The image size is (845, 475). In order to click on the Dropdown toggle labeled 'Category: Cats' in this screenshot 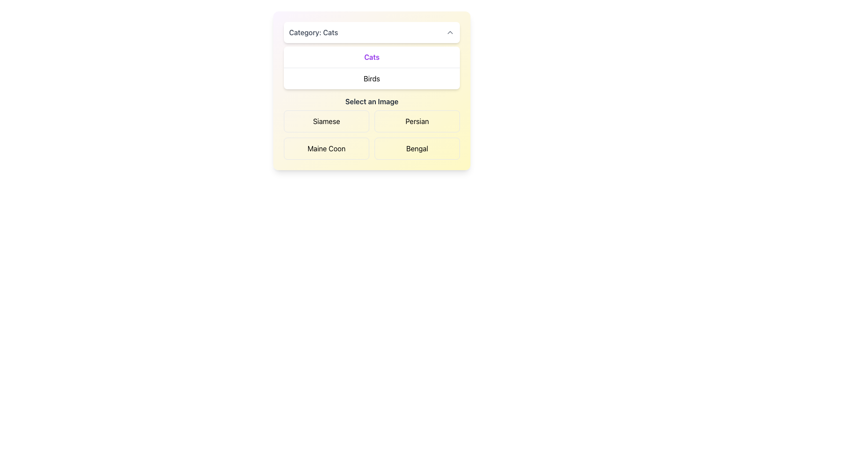, I will do `click(371, 32)`.